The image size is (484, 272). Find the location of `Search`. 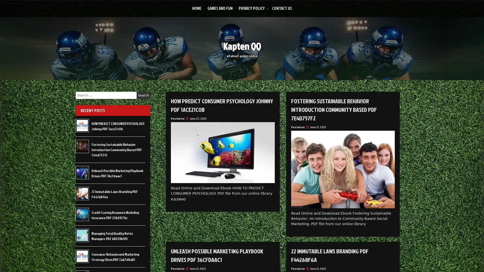

Search is located at coordinates (143, 95).